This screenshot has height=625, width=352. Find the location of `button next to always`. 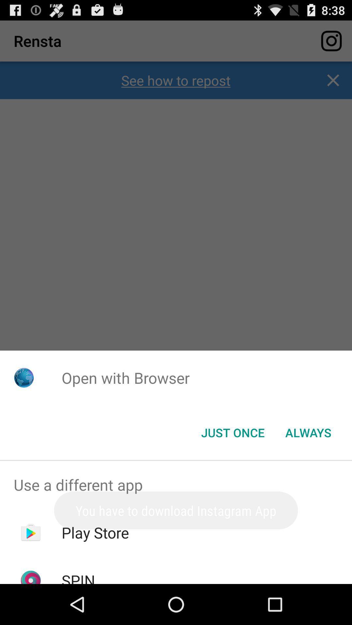

button next to always is located at coordinates (232, 433).